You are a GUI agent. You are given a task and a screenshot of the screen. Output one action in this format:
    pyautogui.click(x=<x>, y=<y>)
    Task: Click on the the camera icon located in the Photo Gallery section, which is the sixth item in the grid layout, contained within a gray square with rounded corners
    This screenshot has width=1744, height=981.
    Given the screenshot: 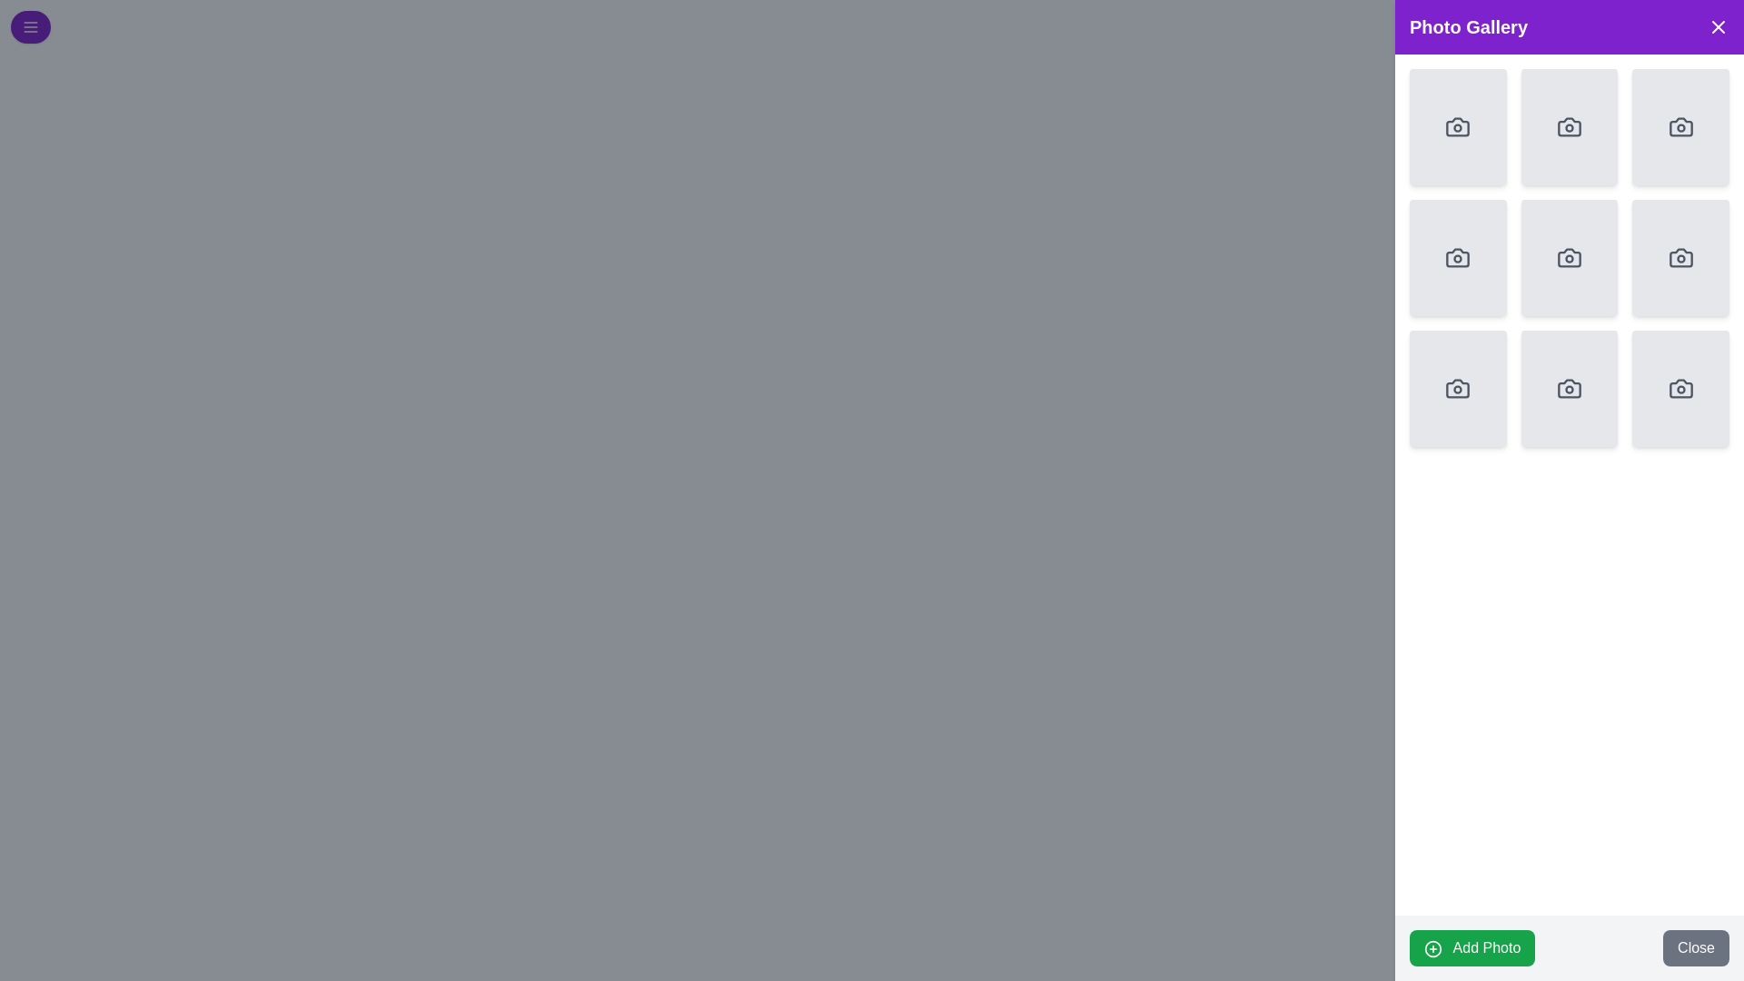 What is the action you would take?
    pyautogui.click(x=1680, y=258)
    